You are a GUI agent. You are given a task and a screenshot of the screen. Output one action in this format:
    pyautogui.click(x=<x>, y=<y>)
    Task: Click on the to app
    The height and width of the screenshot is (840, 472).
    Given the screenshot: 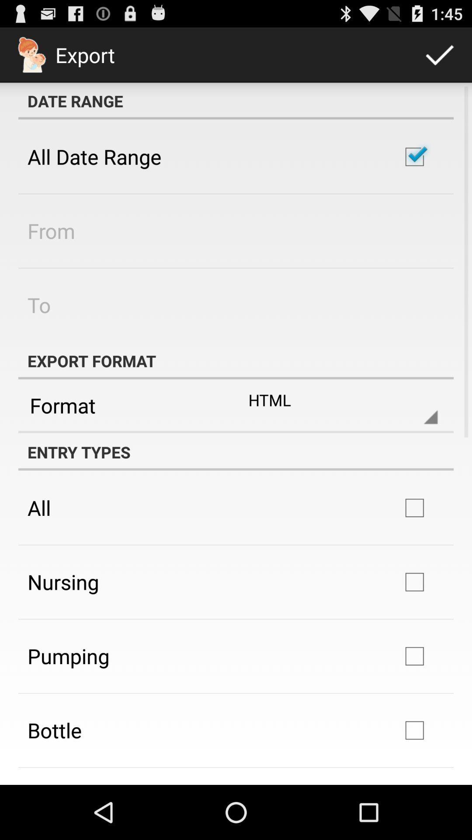 What is the action you would take?
    pyautogui.click(x=38, y=305)
    